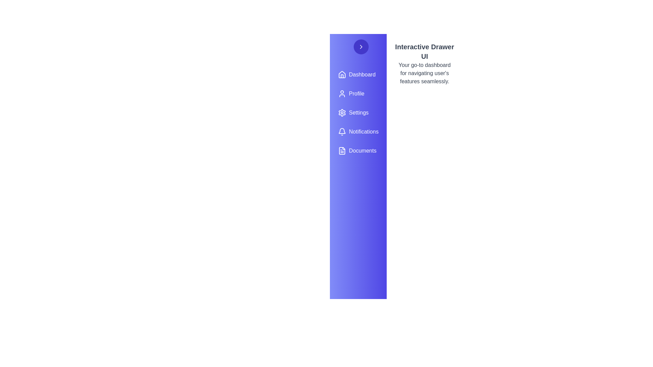 The height and width of the screenshot is (367, 653). I want to click on the menu item labeled Settings, so click(358, 112).